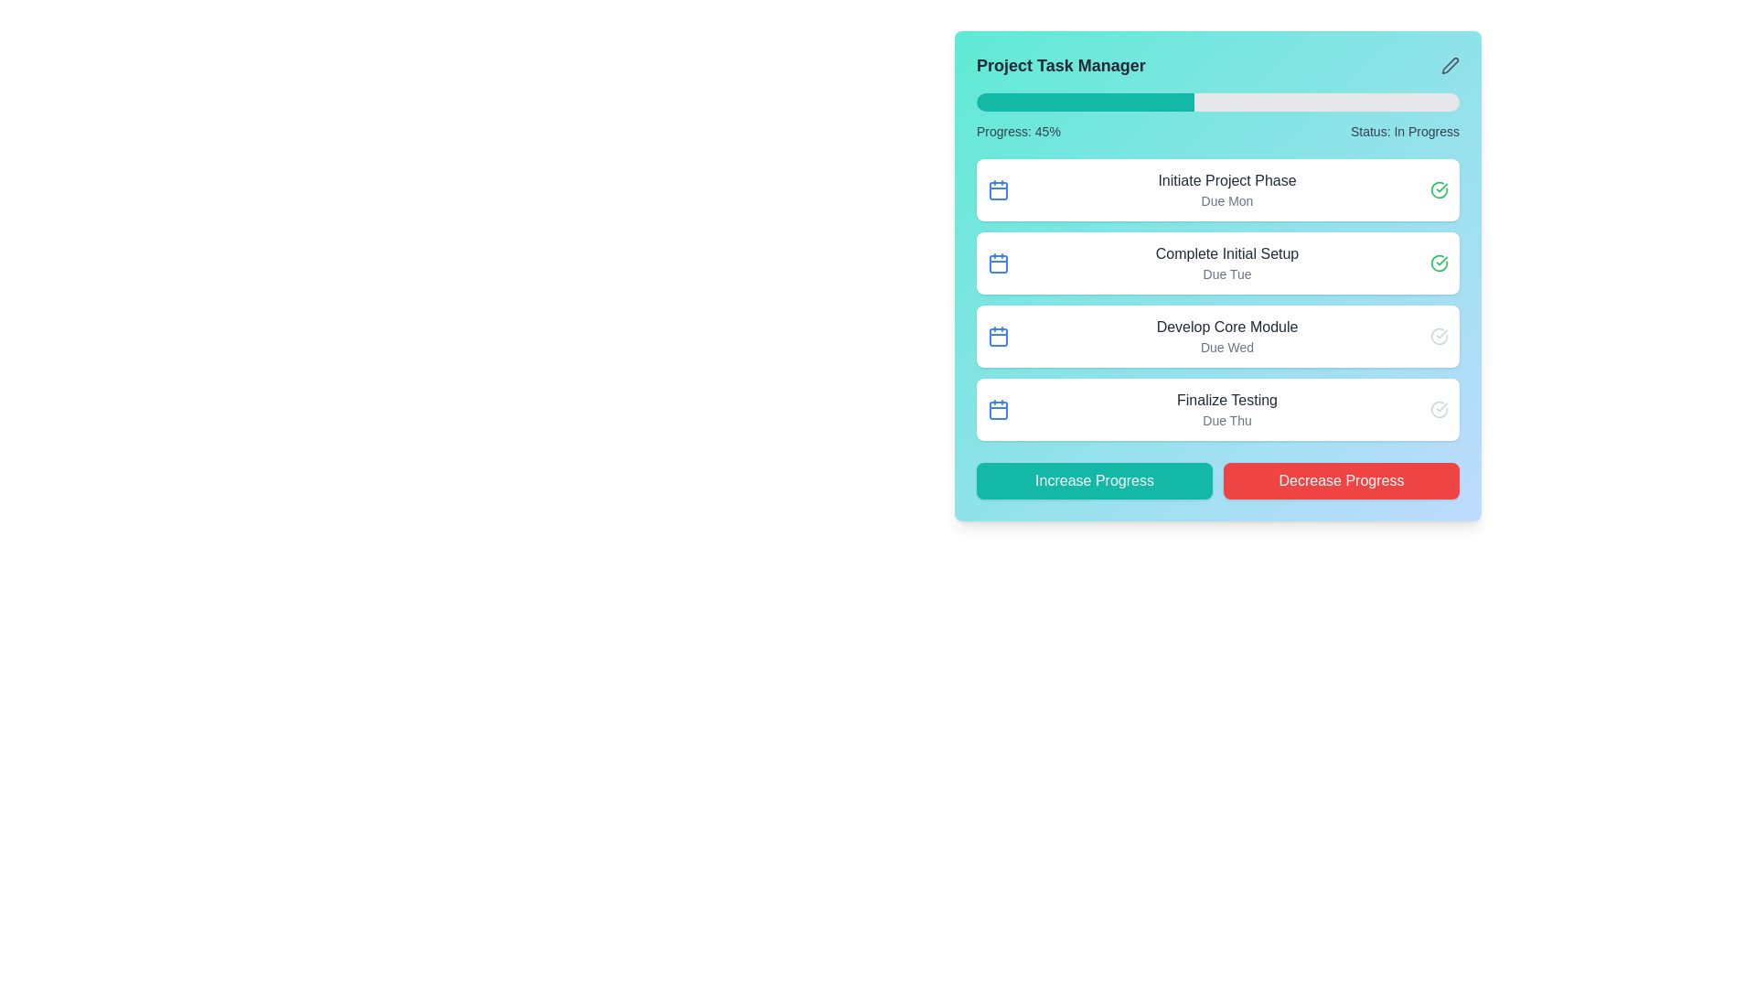 This screenshot has height=988, width=1756. I want to click on the button located in the bottom right corner of the UI panel to decrease the progress of the associated task, which is the second button to the right of the 'Increase Progress' button with a teal background, so click(1342, 479).